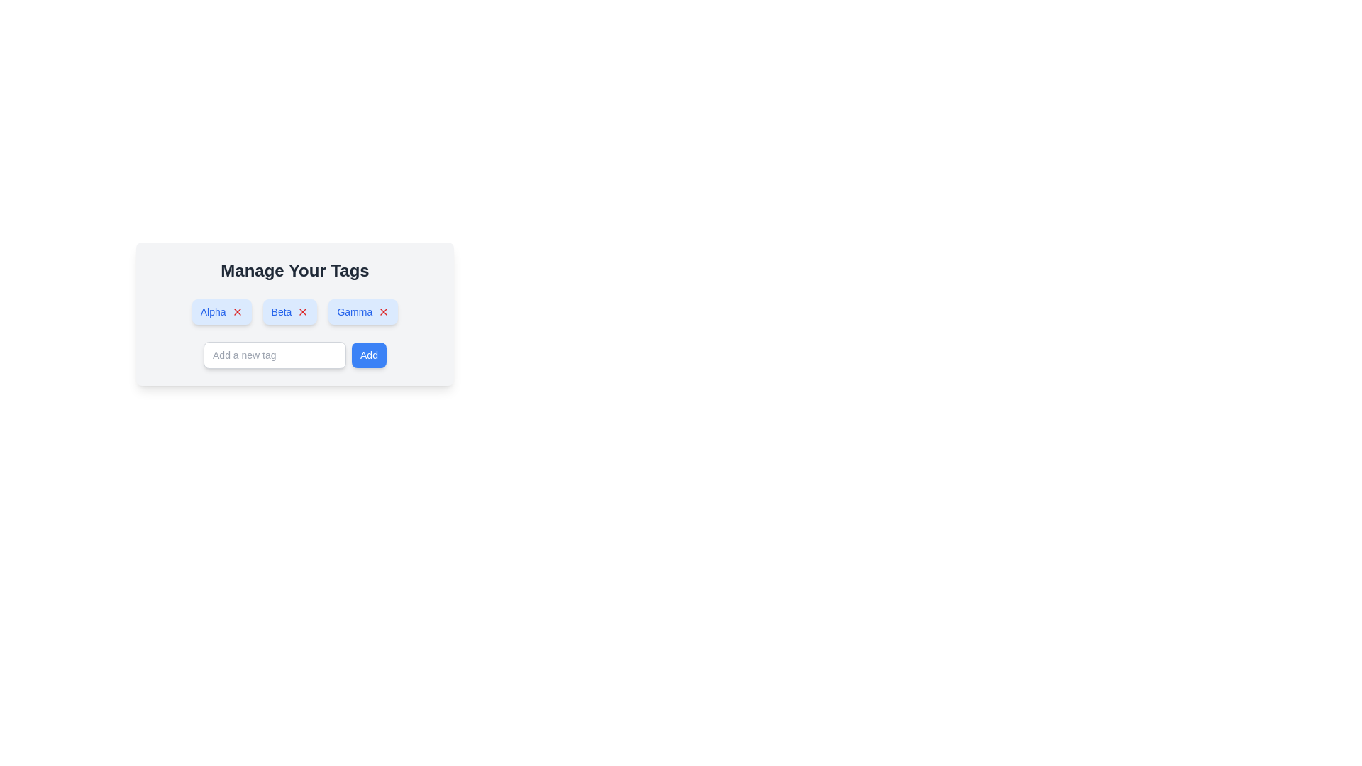 This screenshot has width=1362, height=766. What do you see at coordinates (369, 355) in the screenshot?
I see `the 'Add a new tag' button` at bounding box center [369, 355].